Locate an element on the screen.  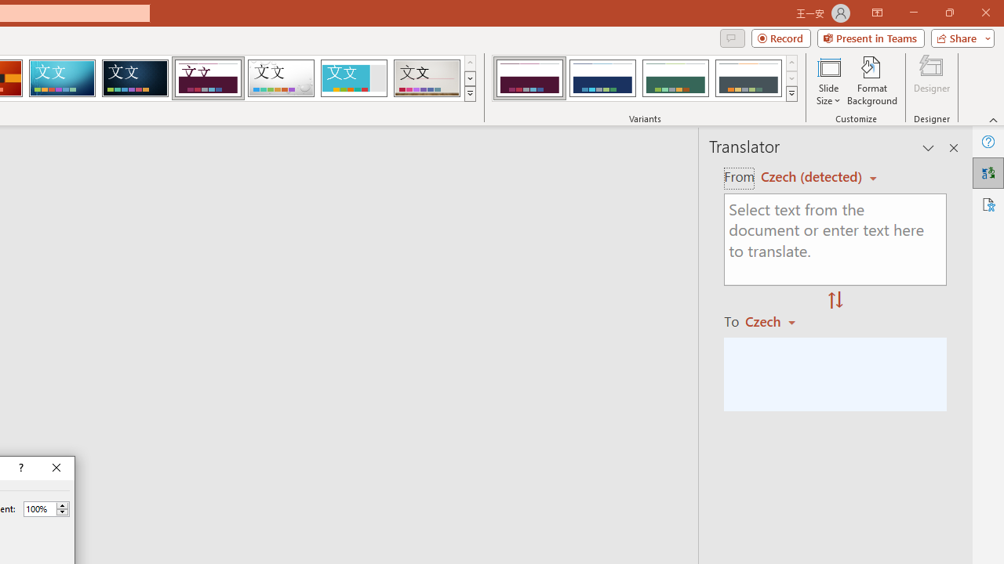
'Help' is located at coordinates (988, 142).